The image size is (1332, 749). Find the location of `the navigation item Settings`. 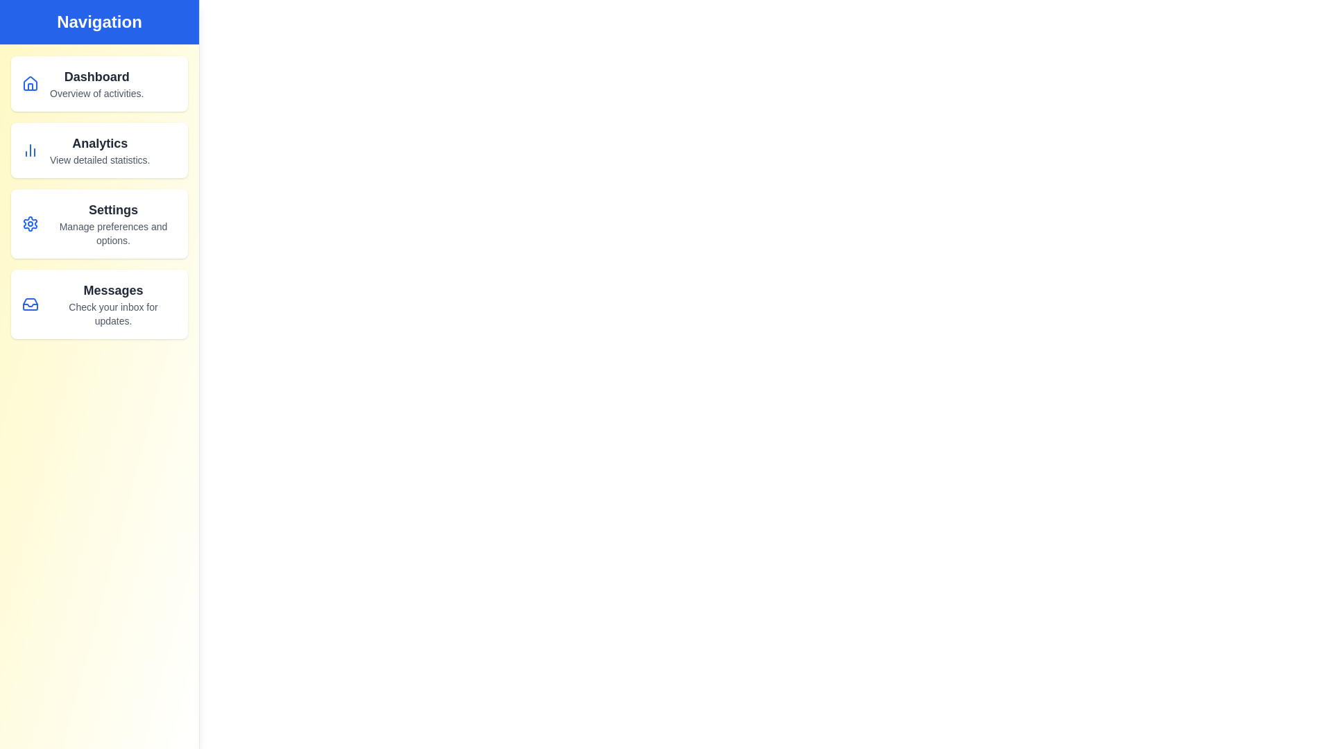

the navigation item Settings is located at coordinates (99, 223).